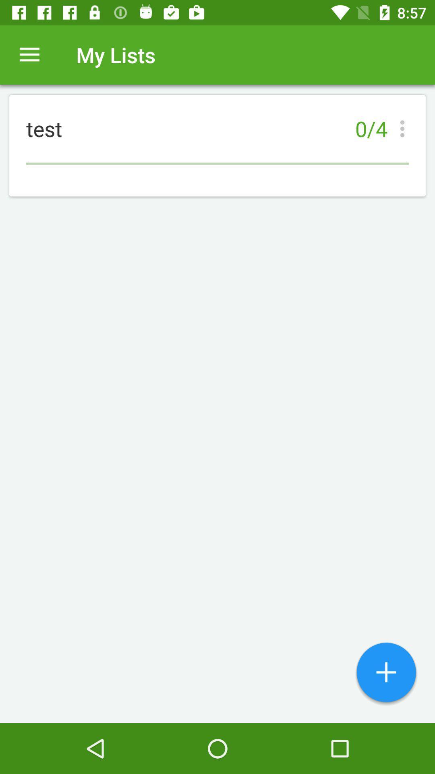  What do you see at coordinates (386, 673) in the screenshot?
I see `the item at the bottom right corner` at bounding box center [386, 673].